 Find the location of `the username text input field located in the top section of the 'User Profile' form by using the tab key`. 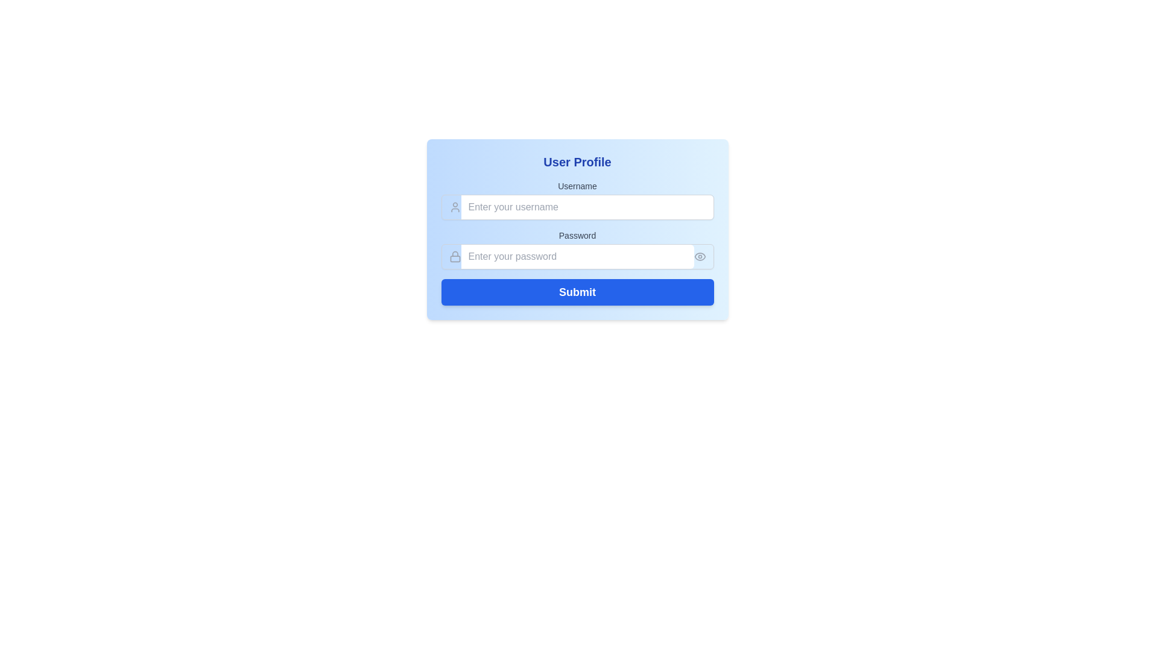

the username text input field located in the top section of the 'User Profile' form by using the tab key is located at coordinates (587, 206).